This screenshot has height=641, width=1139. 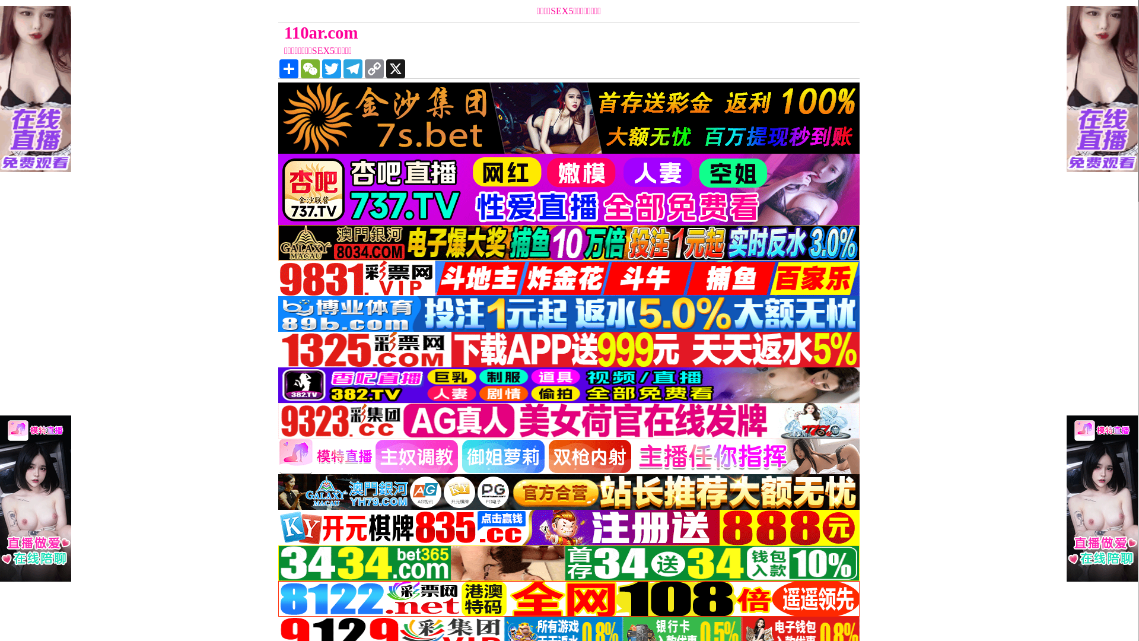 What do you see at coordinates (310, 68) in the screenshot?
I see `'WeChat'` at bounding box center [310, 68].